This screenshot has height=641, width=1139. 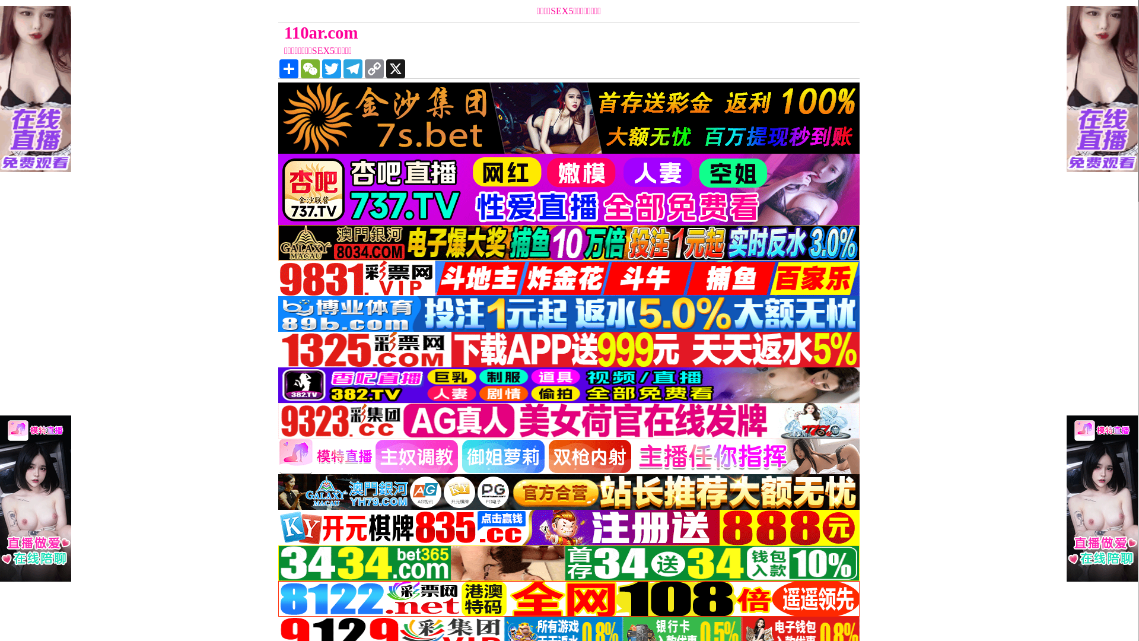 What do you see at coordinates (310, 68) in the screenshot?
I see `'WeChat'` at bounding box center [310, 68].